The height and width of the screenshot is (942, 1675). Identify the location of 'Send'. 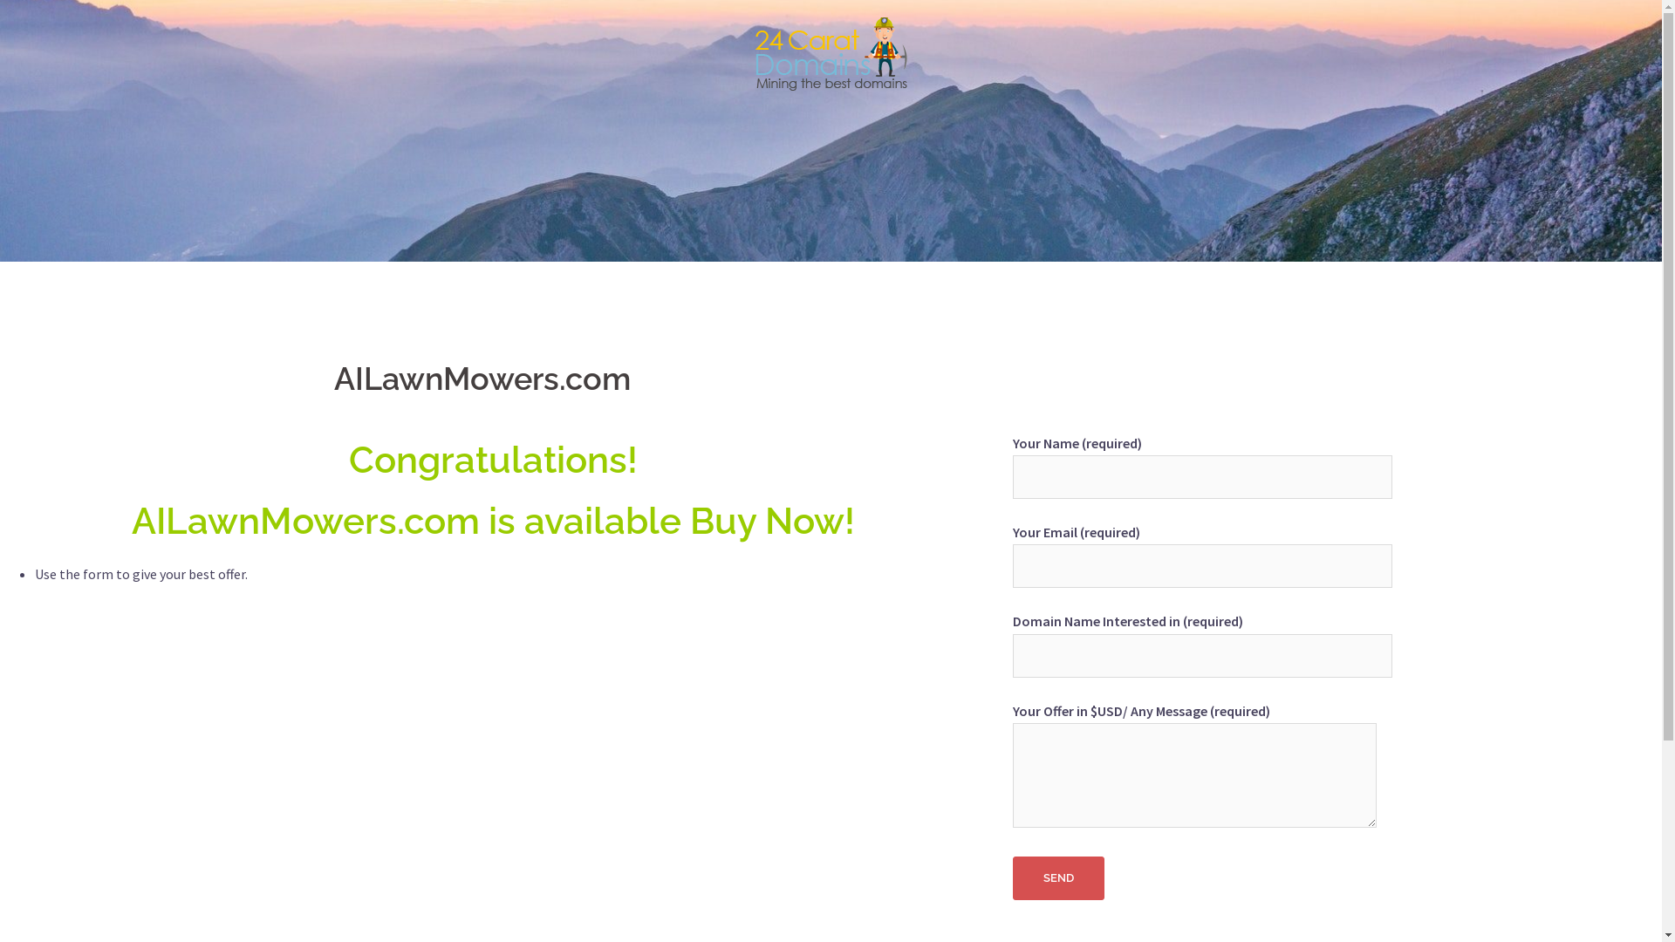
(1057, 877).